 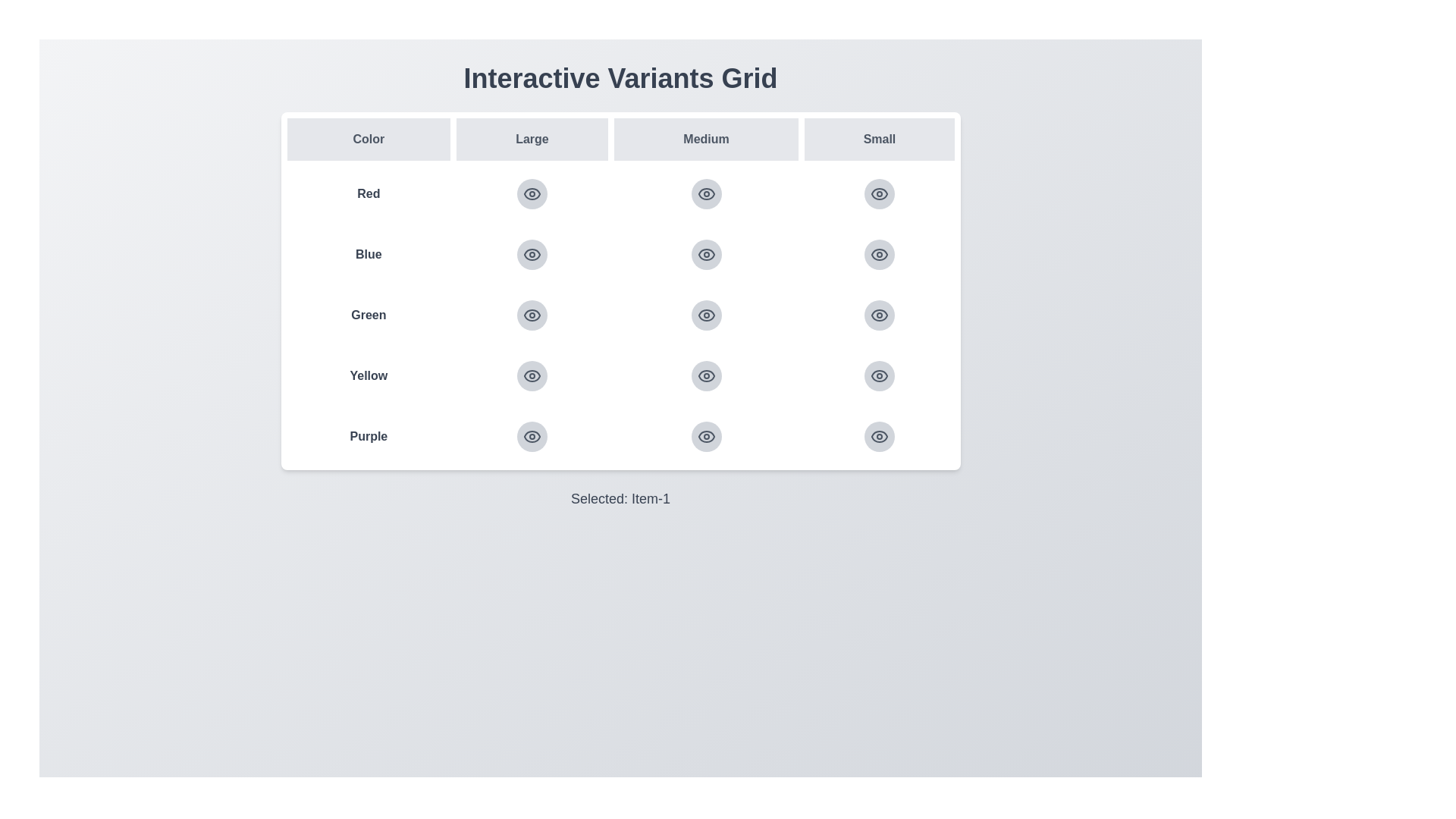 I want to click on the header labeled 'Small' which is the fourth column header in the grid layout, positioned at the top-right corner next to 'Medium', so click(x=880, y=140).